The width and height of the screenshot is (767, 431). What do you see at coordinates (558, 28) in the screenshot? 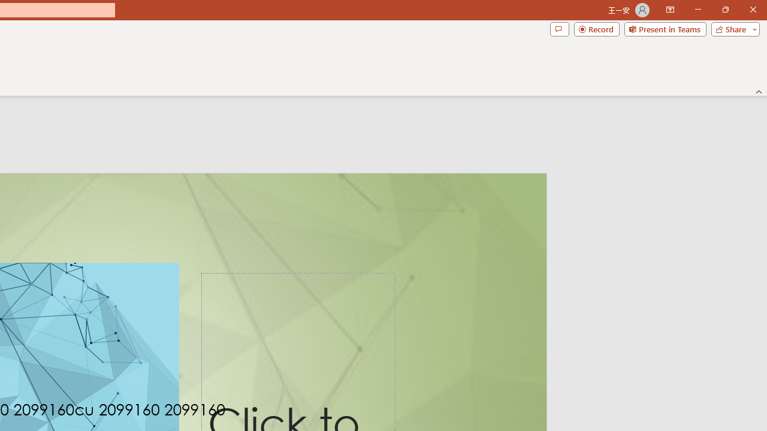
I see `'Comments'` at bounding box center [558, 28].